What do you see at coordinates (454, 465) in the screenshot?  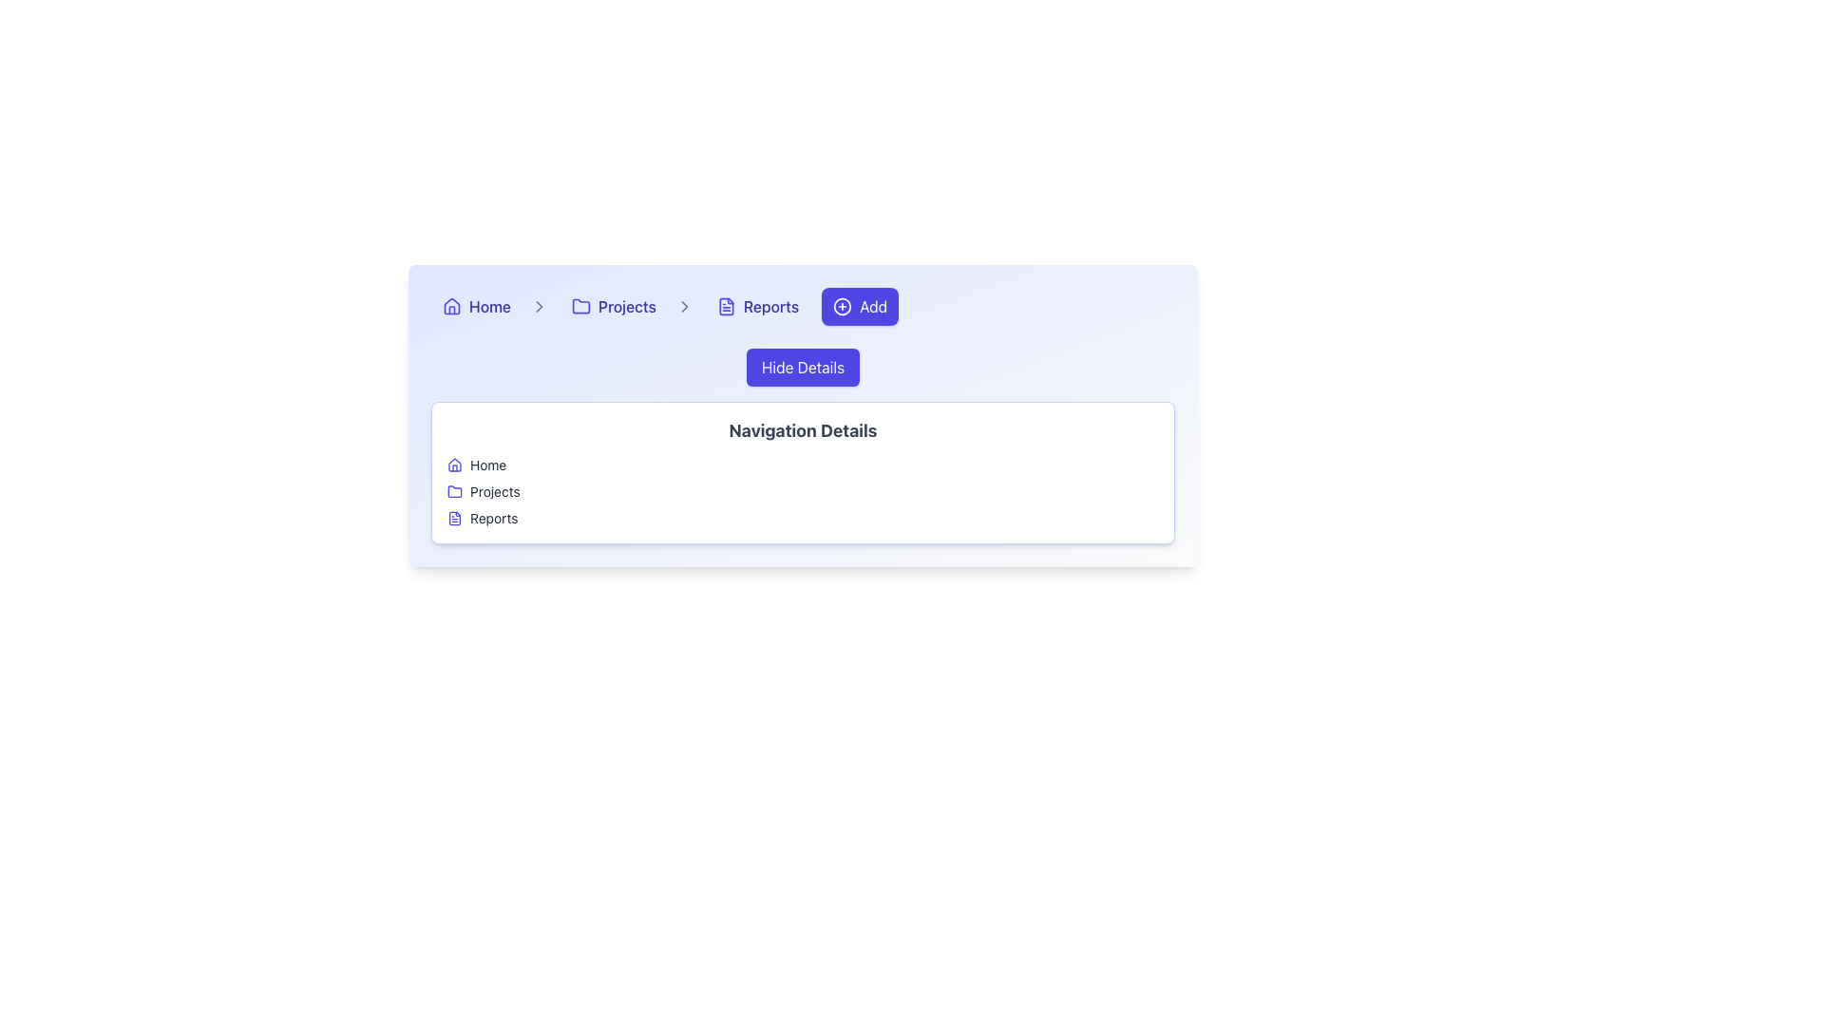 I see `the home icon located at the top-left corner of the breadcrumb navigation section, which serves as a clickable element for navigating to the home page` at bounding box center [454, 465].